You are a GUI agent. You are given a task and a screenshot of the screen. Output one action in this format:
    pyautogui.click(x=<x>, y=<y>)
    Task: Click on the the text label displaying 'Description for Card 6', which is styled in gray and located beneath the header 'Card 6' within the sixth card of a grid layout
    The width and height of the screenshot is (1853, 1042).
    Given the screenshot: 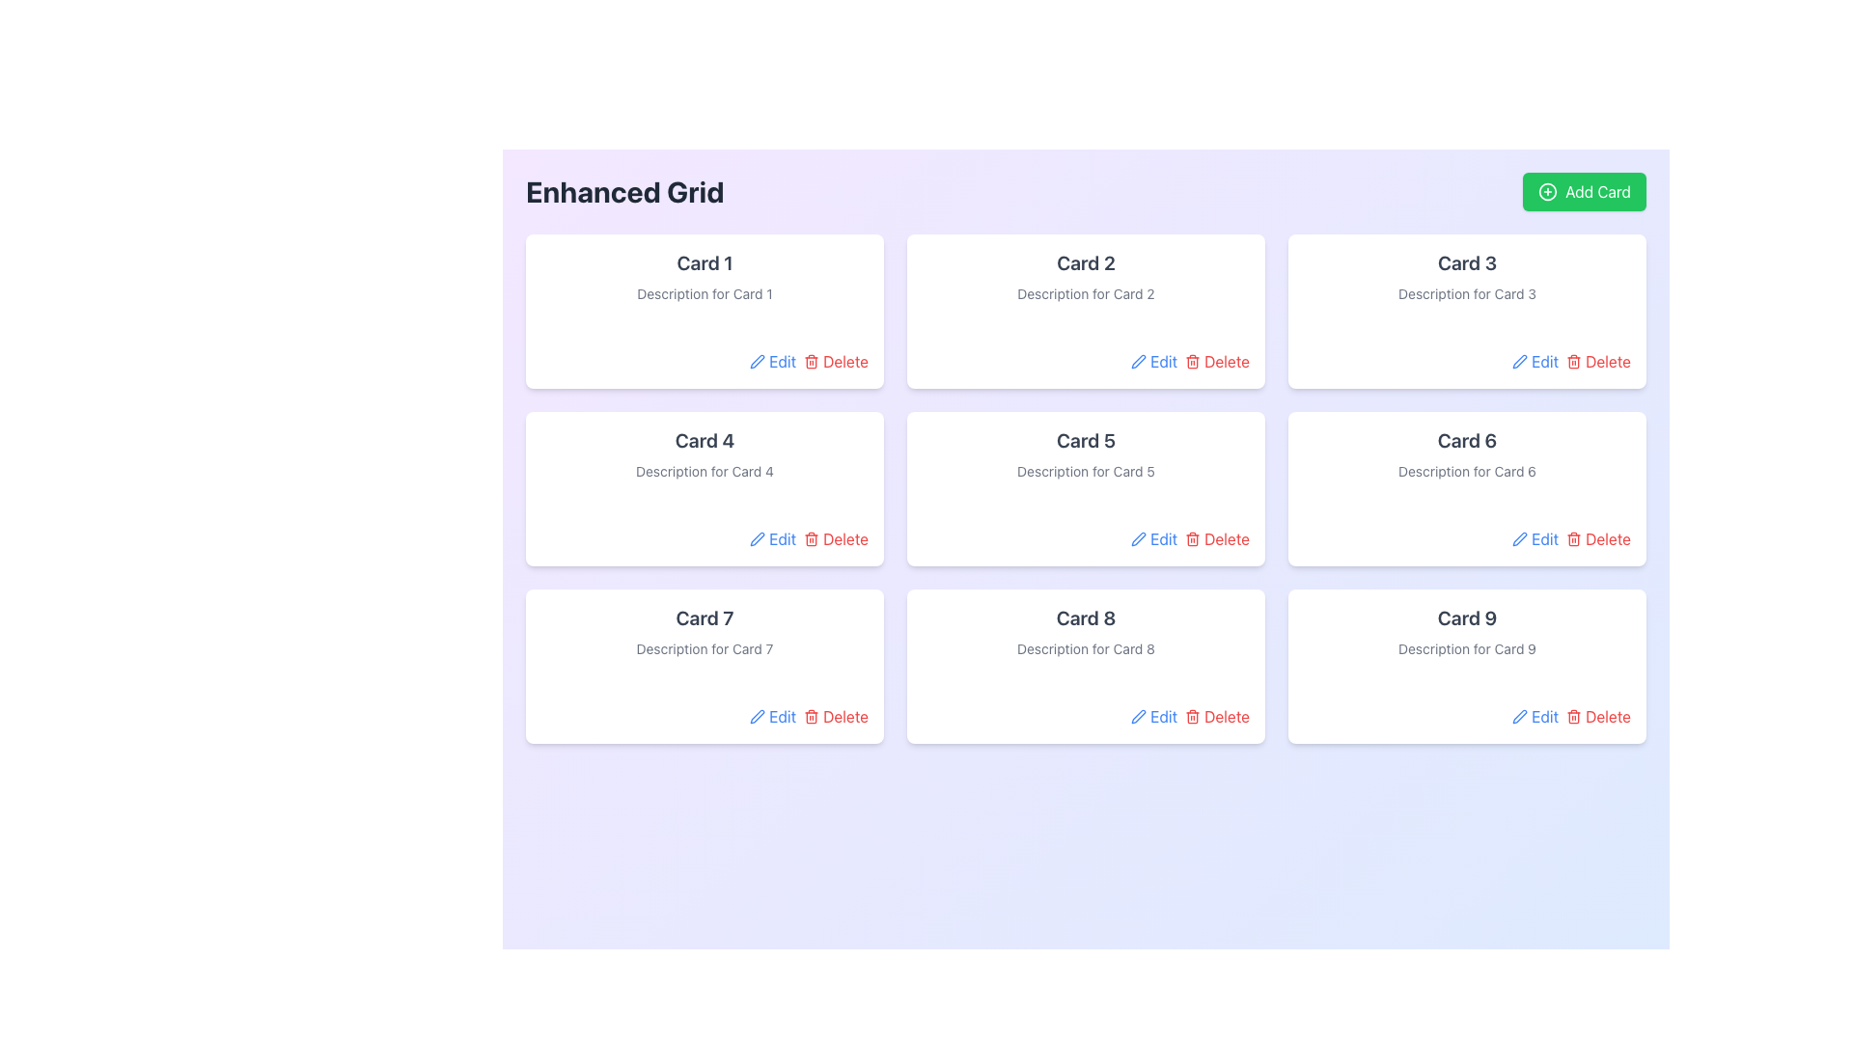 What is the action you would take?
    pyautogui.click(x=1467, y=472)
    